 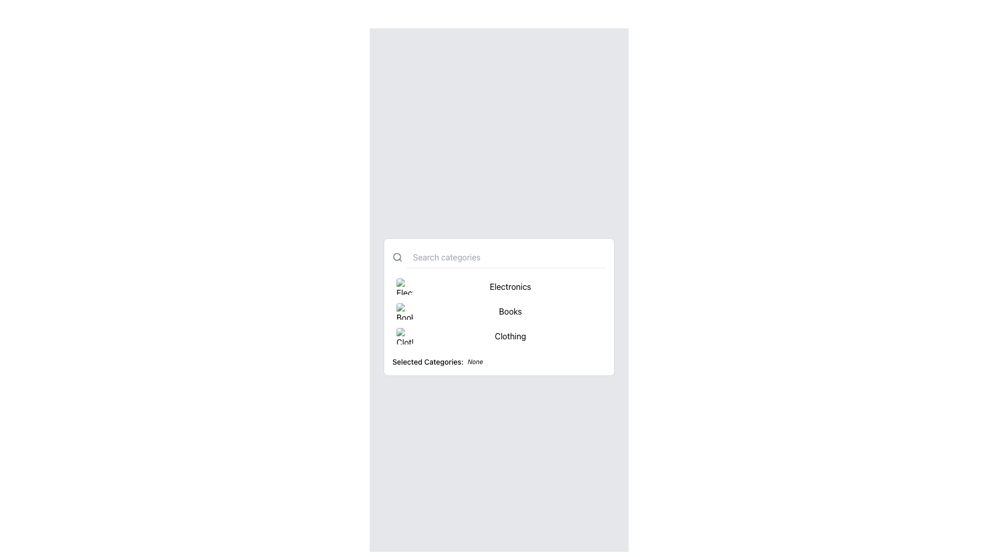 What do you see at coordinates (397, 256) in the screenshot?
I see `the circular SVG element that is part of an icon located in the top-left side of the search input field` at bounding box center [397, 256].